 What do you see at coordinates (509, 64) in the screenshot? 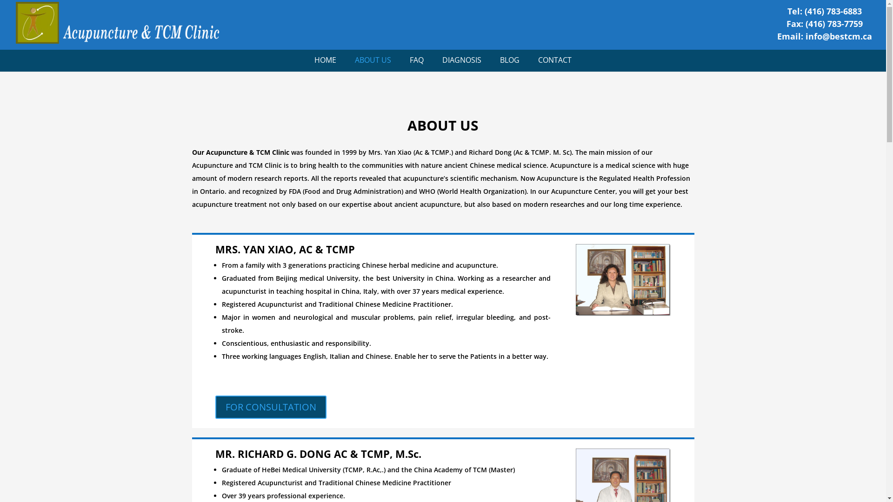
I see `'BLOG'` at bounding box center [509, 64].